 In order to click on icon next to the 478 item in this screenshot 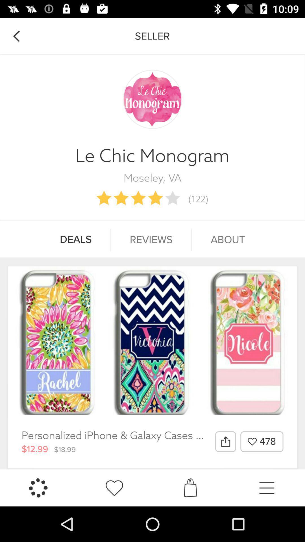, I will do `click(225, 441)`.